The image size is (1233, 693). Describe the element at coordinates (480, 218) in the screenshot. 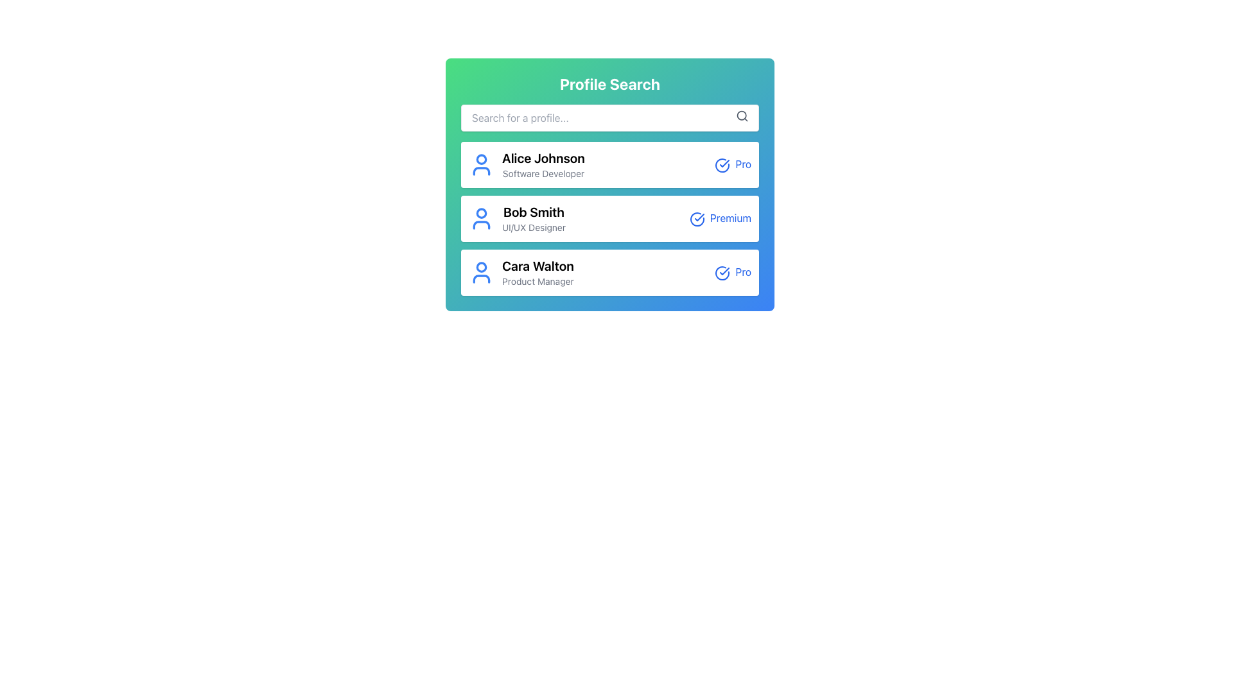

I see `the user profile icon located beside the text 'Bob Smith' in the row labeled 'Bob Smith UI/UX Designer Premium'` at that location.